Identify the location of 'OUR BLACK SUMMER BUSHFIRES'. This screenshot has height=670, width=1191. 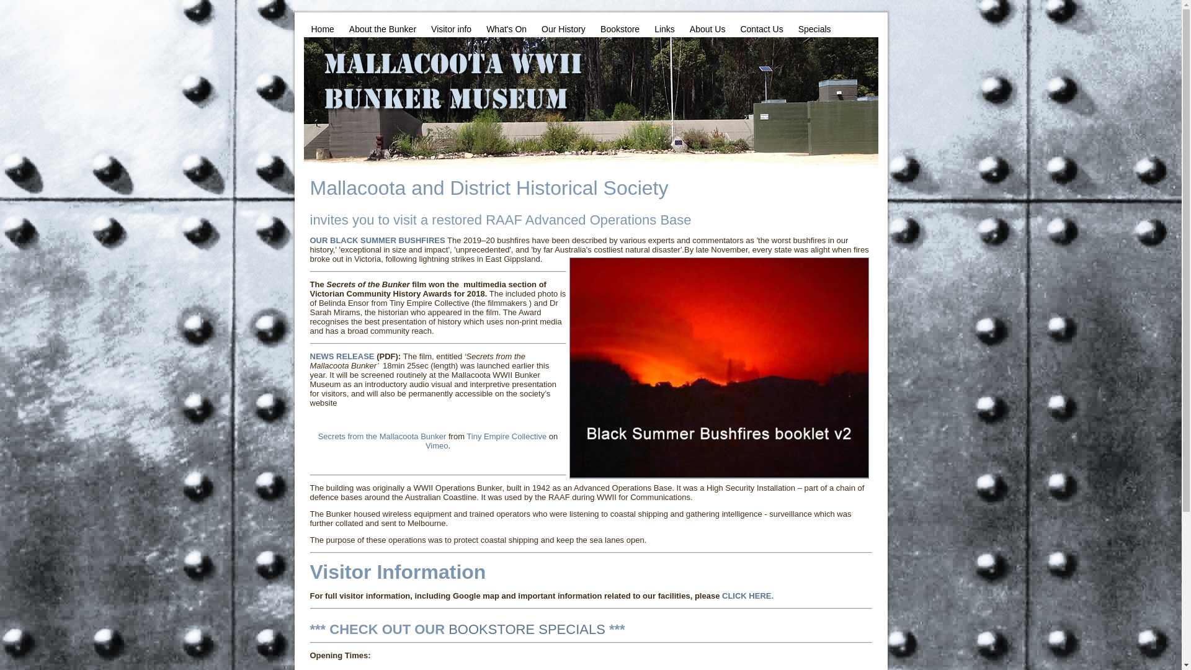
(377, 240).